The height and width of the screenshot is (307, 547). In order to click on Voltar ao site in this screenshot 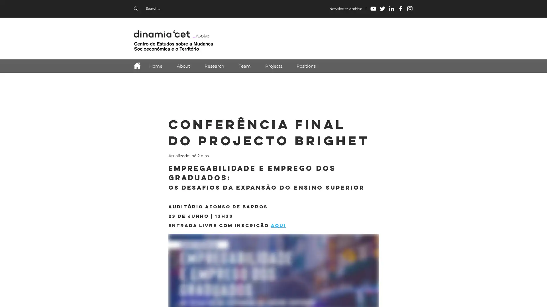, I will do `click(341, 99)`.